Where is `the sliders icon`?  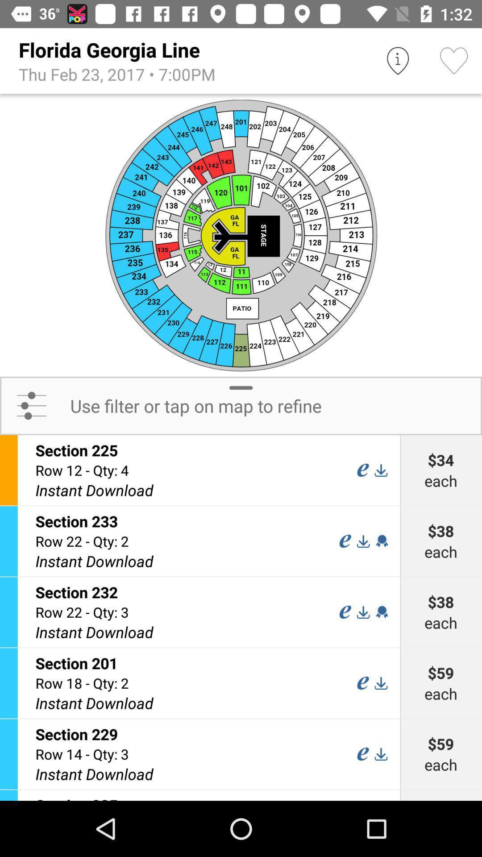 the sliders icon is located at coordinates (31, 405).